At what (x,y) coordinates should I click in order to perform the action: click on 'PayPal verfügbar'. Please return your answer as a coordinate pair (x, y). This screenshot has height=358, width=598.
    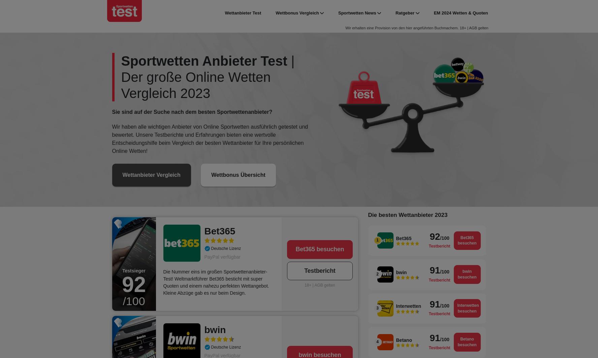
    Looking at the image, I should click on (204, 257).